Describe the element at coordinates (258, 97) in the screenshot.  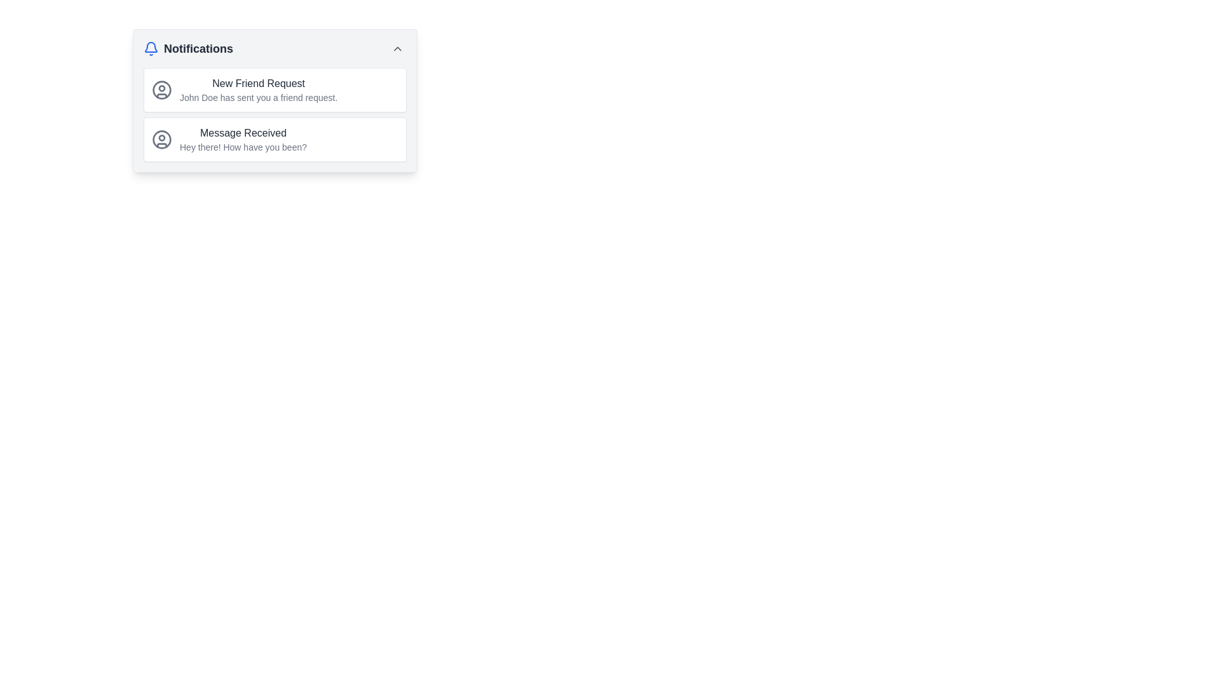
I see `message 'John Doe has sent you a friend request.' which is a text label styled with a smaller font and gray color, located beneath the 'New Friend Request' title in the Notifications section` at that location.